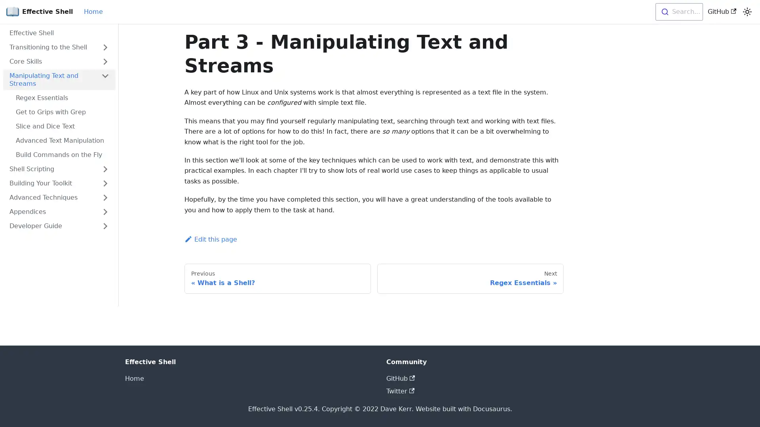 Image resolution: width=760 pixels, height=427 pixels. I want to click on Toggle the collapsible sidebar category 'Manipulating Text and Streams', so click(104, 79).